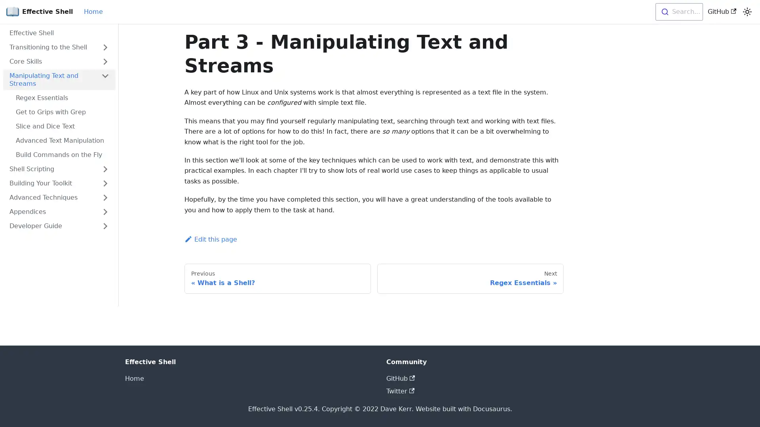 Image resolution: width=760 pixels, height=427 pixels. I want to click on Toggle the collapsible sidebar category 'Manipulating Text and Streams', so click(104, 79).